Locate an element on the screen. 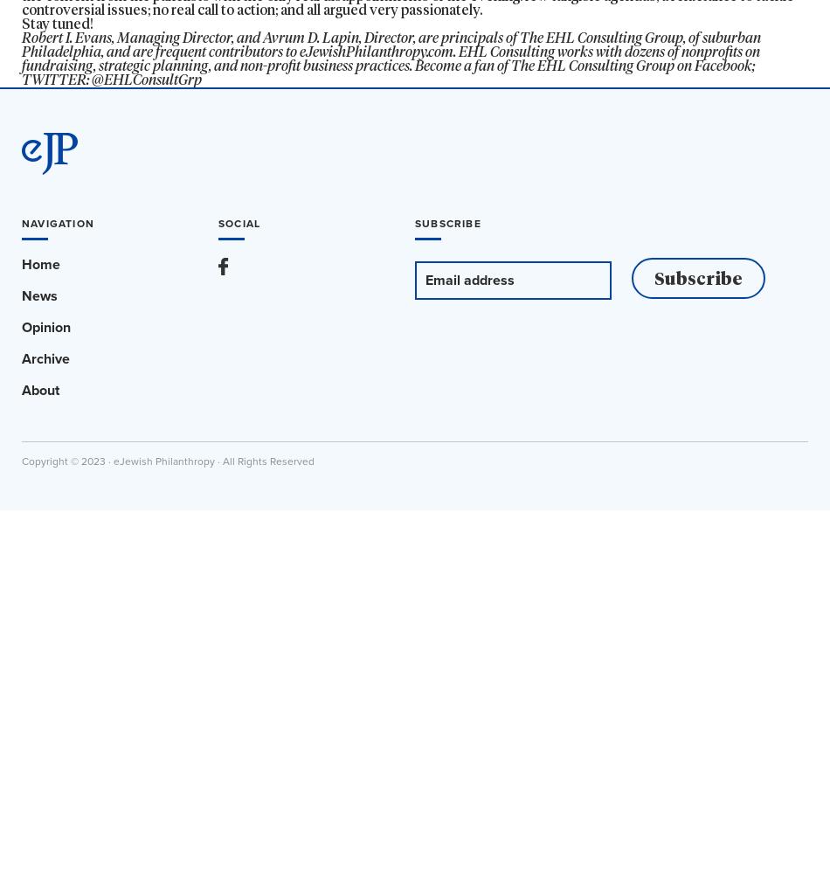 The width and height of the screenshot is (830, 874). 'Navigation' is located at coordinates (58, 223).